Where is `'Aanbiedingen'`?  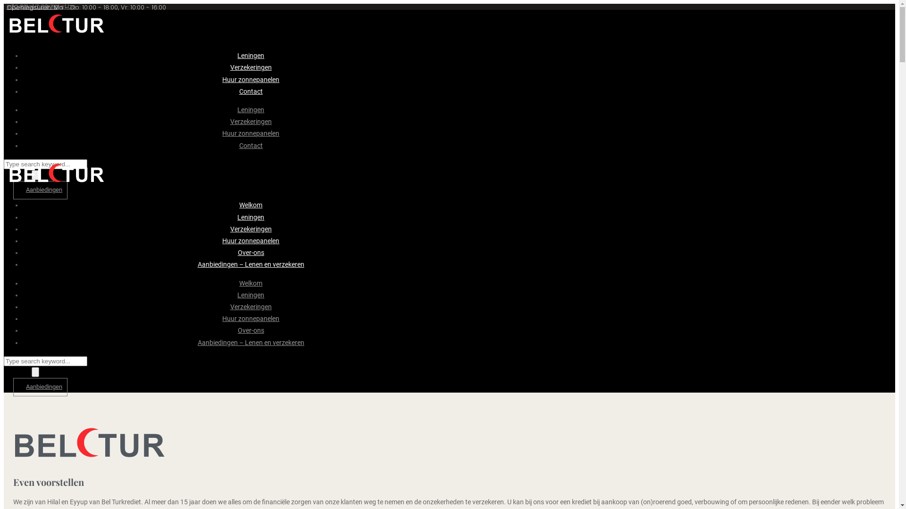 'Aanbiedingen' is located at coordinates (13, 387).